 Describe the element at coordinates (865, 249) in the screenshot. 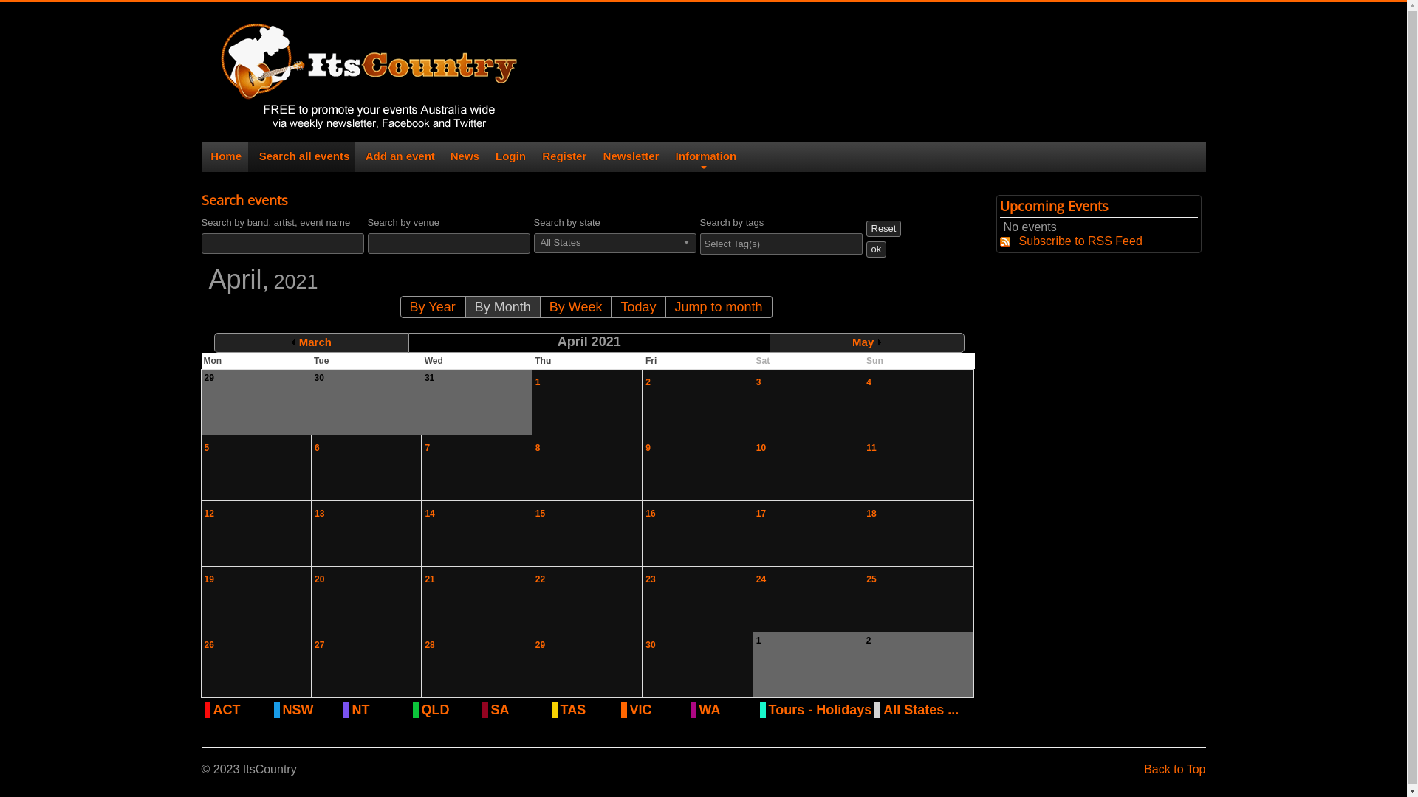

I see `'ok'` at that location.